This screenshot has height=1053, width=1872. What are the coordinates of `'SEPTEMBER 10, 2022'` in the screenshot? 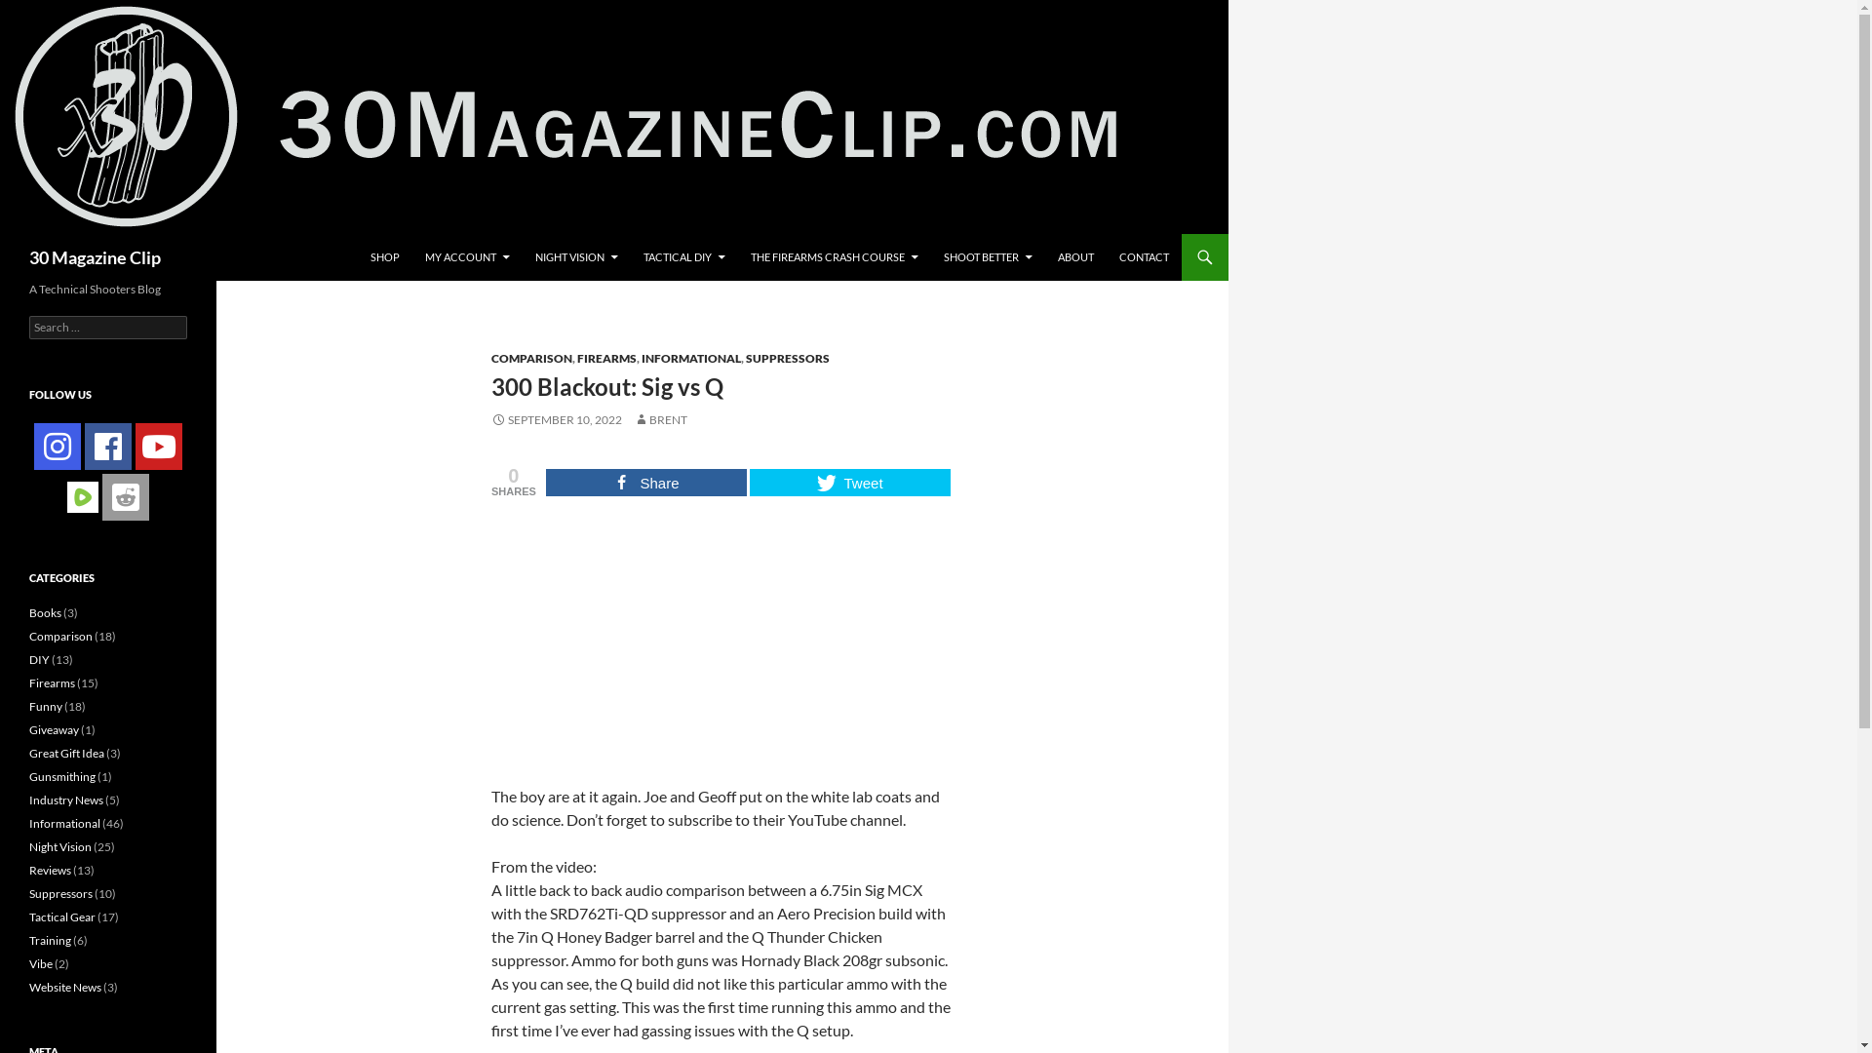 It's located at (556, 418).